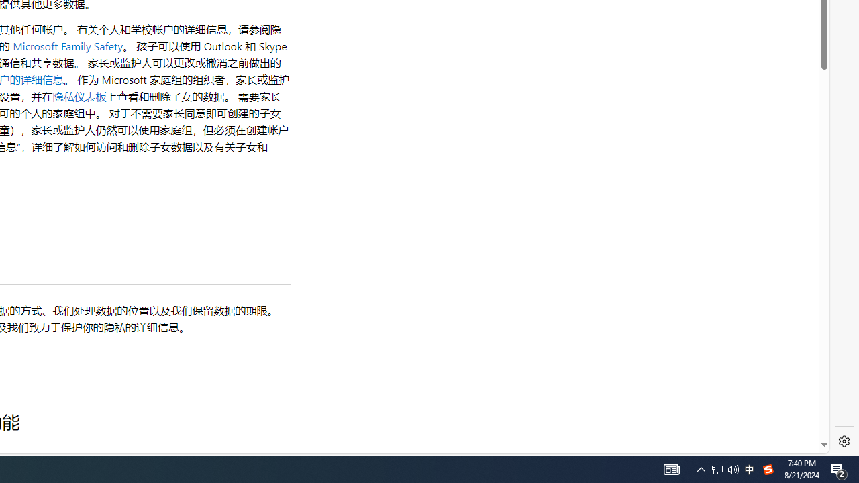  What do you see at coordinates (67, 45) in the screenshot?
I see `'Microsoft Family Safety'` at bounding box center [67, 45].